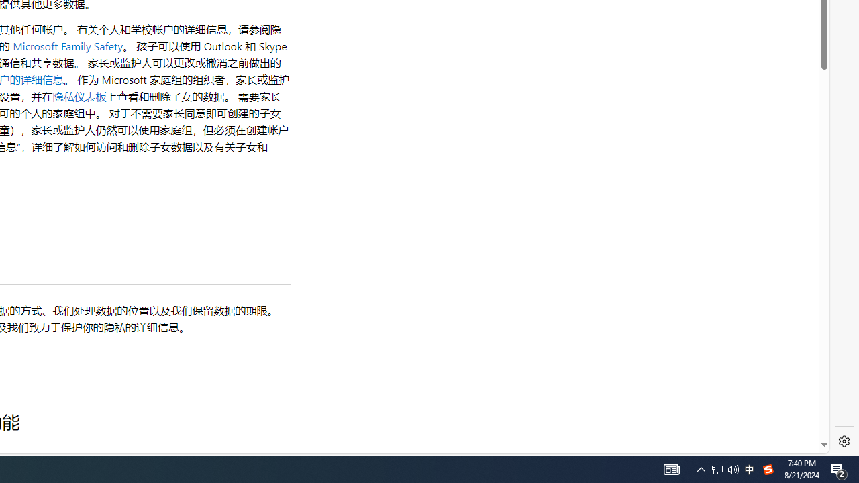  What do you see at coordinates (67, 45) in the screenshot?
I see `'Microsoft Family Safety'` at bounding box center [67, 45].